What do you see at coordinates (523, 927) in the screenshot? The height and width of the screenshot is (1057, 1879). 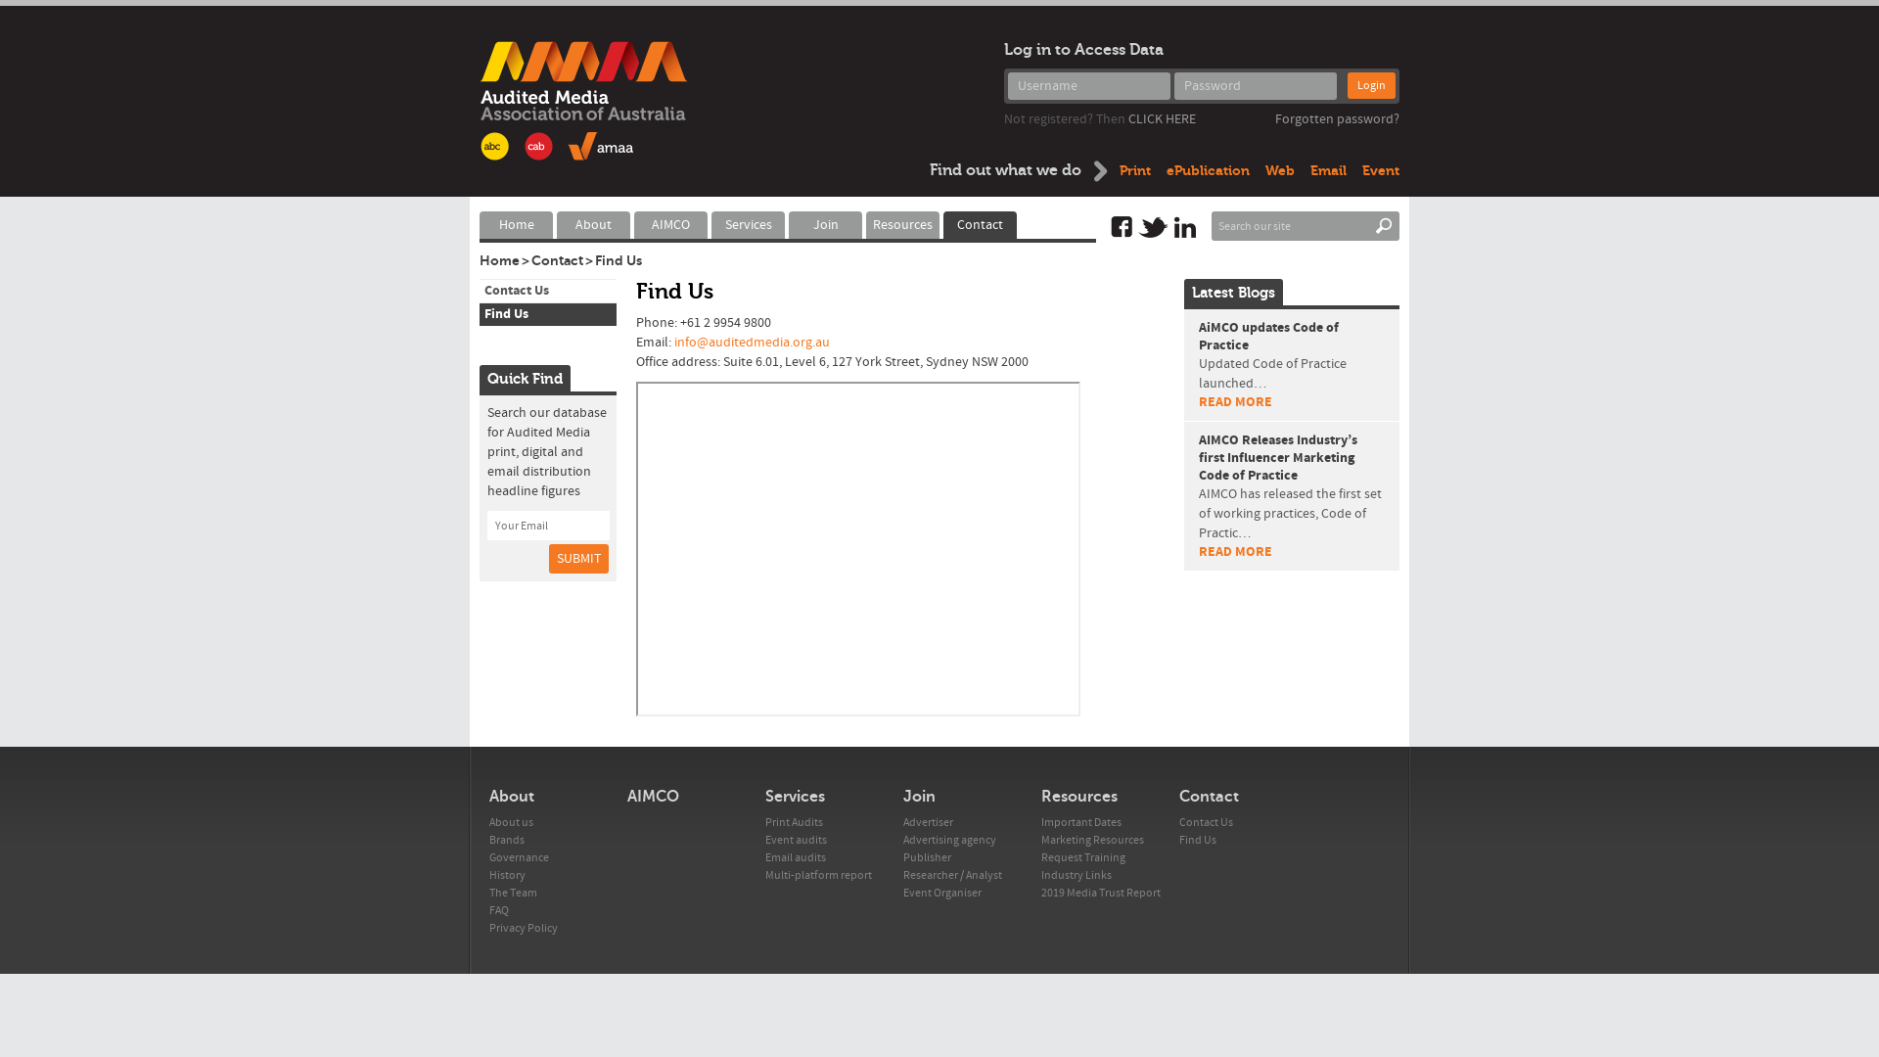 I see `'Privacy Policy'` at bounding box center [523, 927].